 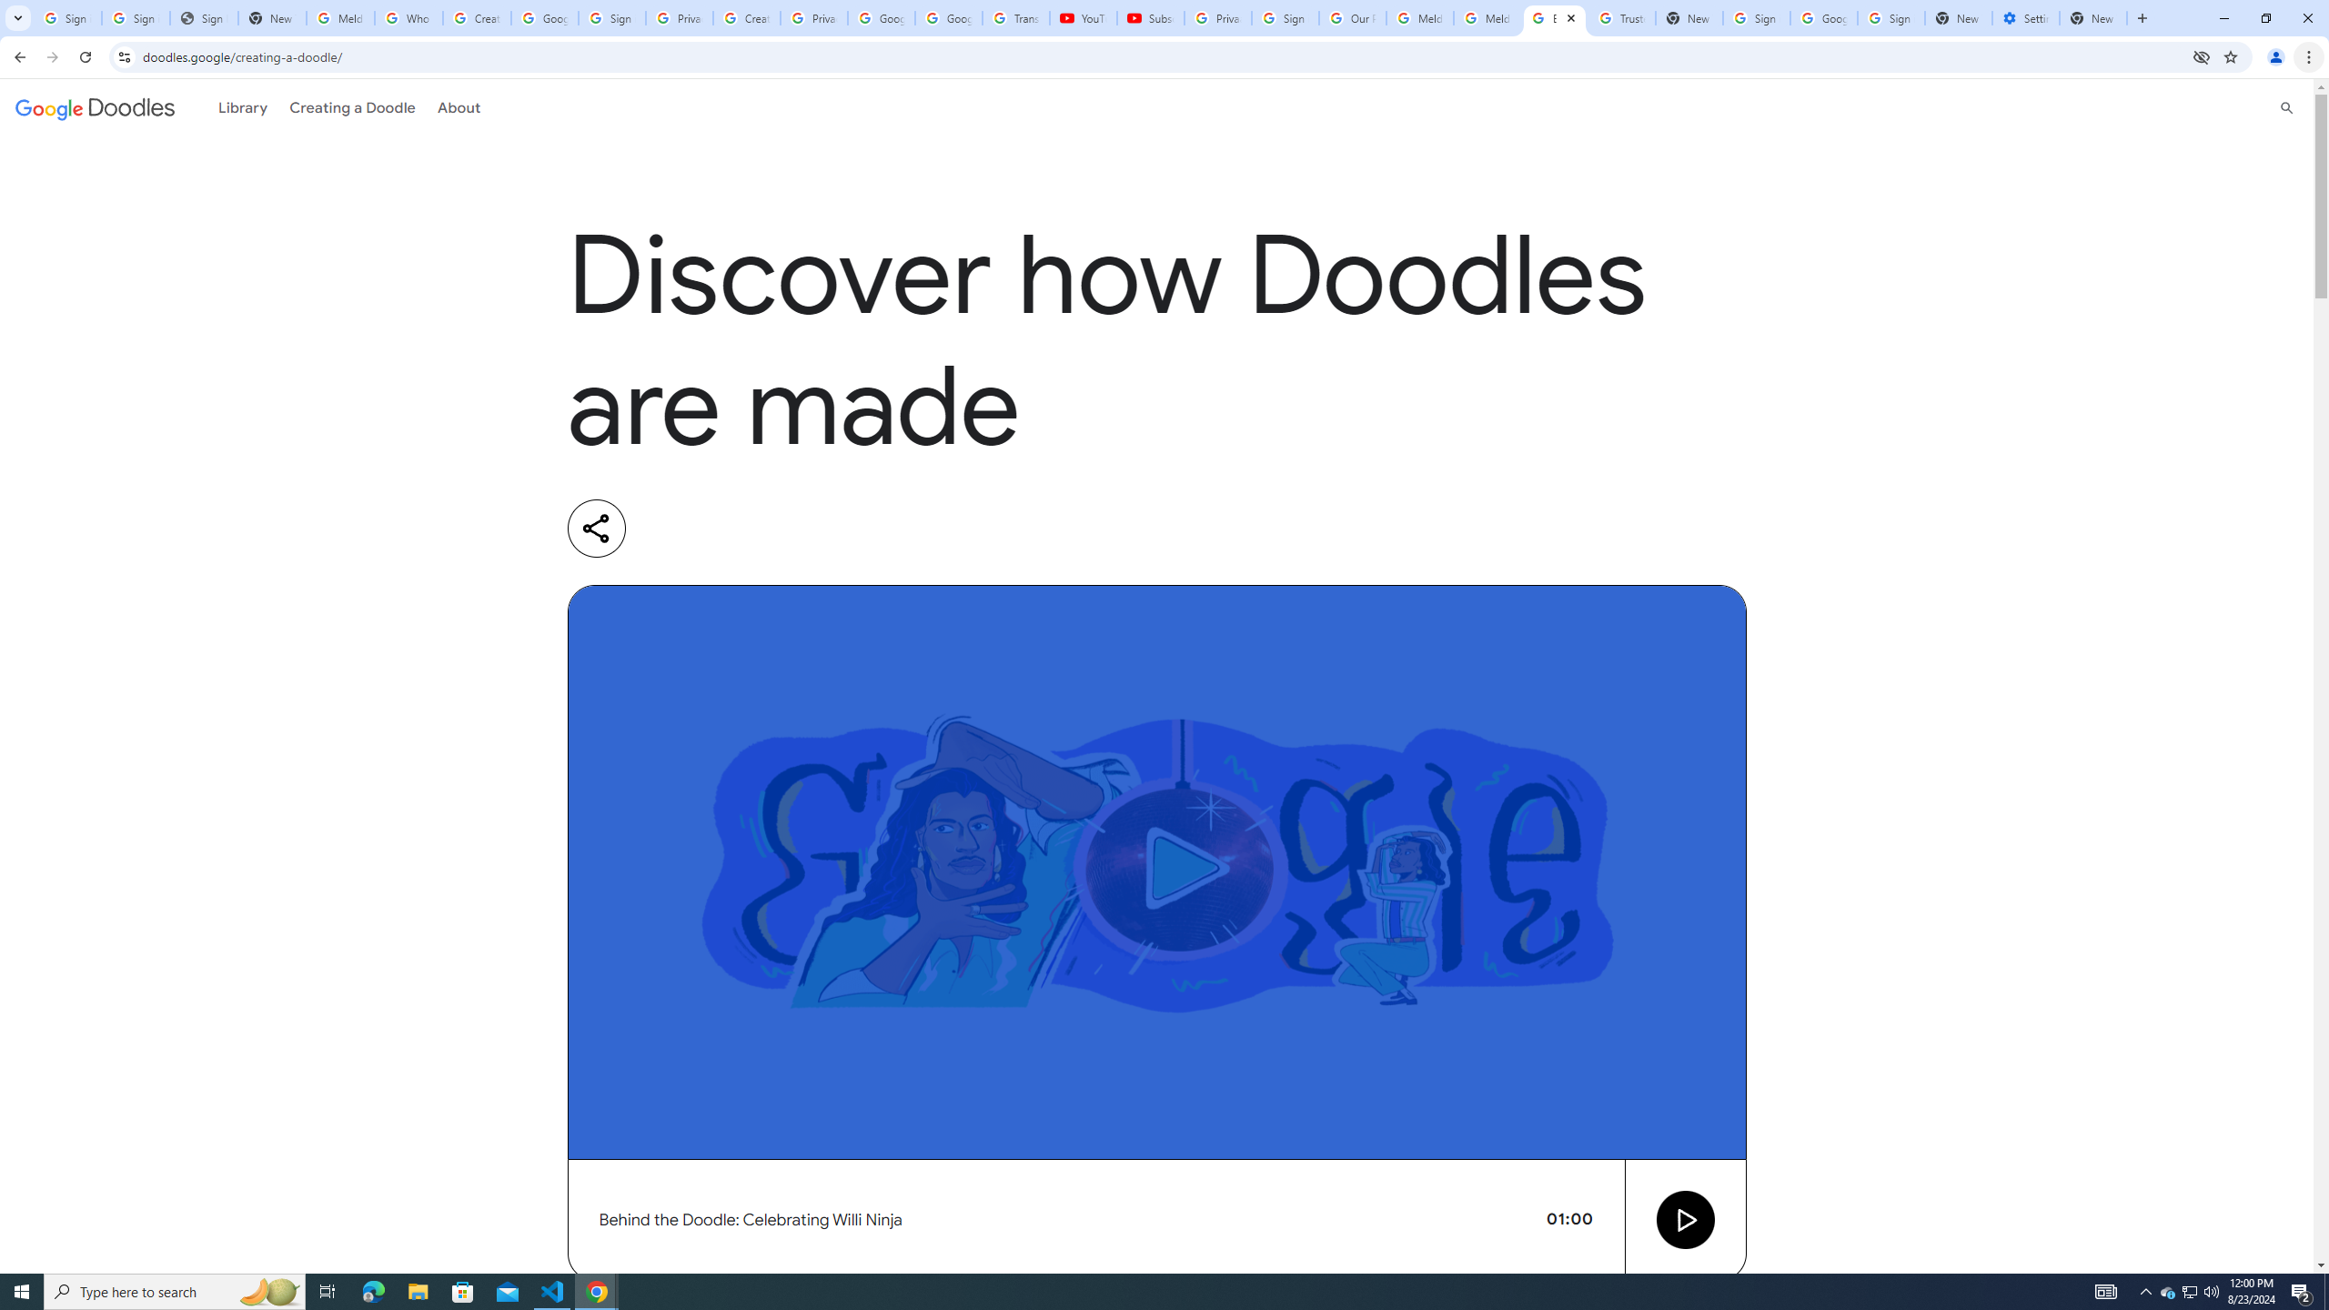 I want to click on 'Trusted Information and Content - Google Safety Center', so click(x=1621, y=17).